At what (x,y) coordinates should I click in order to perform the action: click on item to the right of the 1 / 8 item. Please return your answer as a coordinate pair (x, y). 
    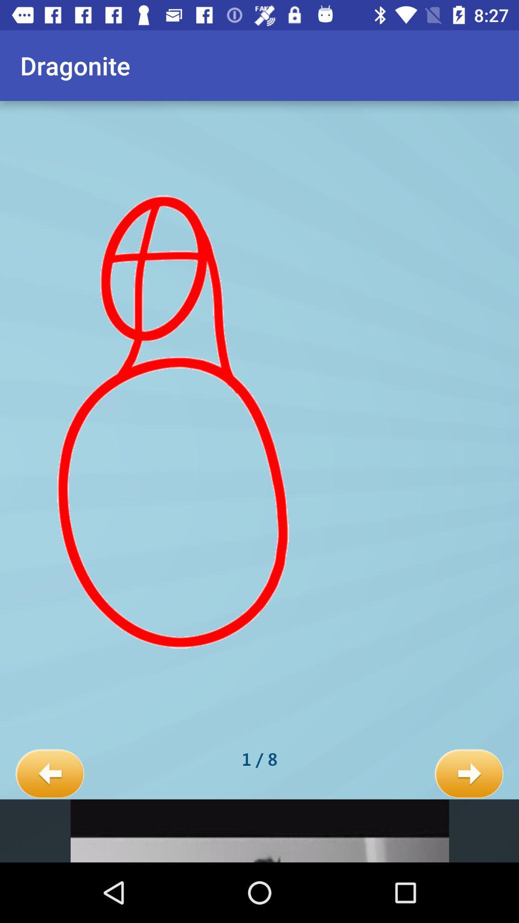
    Looking at the image, I should click on (469, 774).